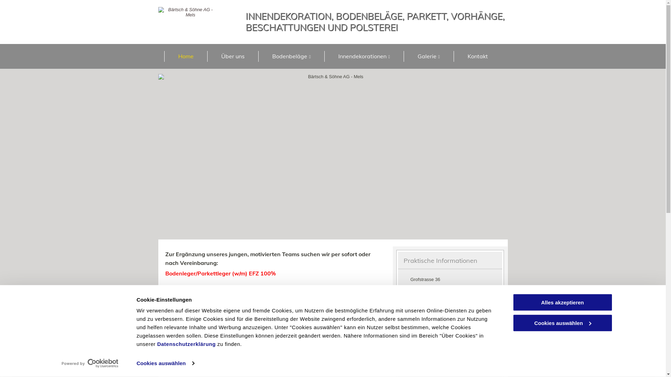 This screenshot has width=671, height=377. What do you see at coordinates (429, 298) in the screenshot?
I see `'081 723 48 15'` at bounding box center [429, 298].